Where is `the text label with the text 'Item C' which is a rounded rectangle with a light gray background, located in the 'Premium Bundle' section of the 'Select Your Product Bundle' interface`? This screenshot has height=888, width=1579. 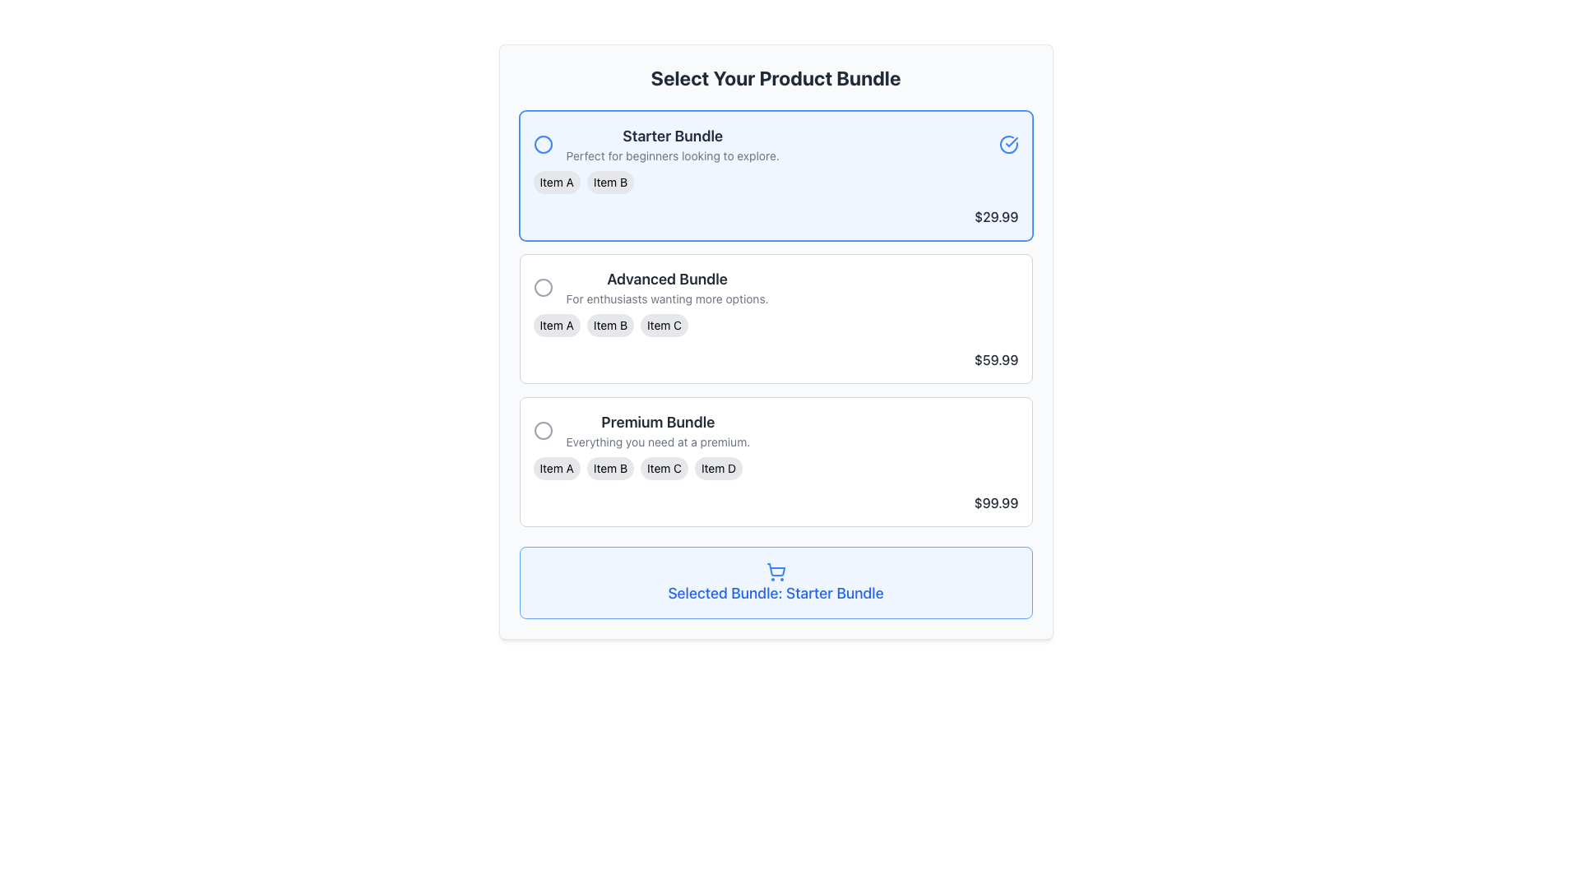 the text label with the text 'Item C' which is a rounded rectangle with a light gray background, located in the 'Premium Bundle' section of the 'Select Your Product Bundle' interface is located at coordinates (664, 469).